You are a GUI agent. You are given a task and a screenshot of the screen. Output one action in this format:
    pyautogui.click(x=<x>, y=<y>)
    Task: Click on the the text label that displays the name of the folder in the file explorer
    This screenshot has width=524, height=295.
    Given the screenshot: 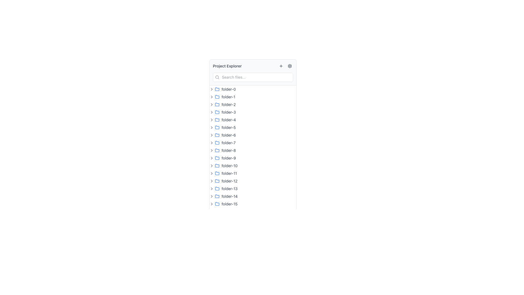 What is the action you would take?
    pyautogui.click(x=228, y=104)
    